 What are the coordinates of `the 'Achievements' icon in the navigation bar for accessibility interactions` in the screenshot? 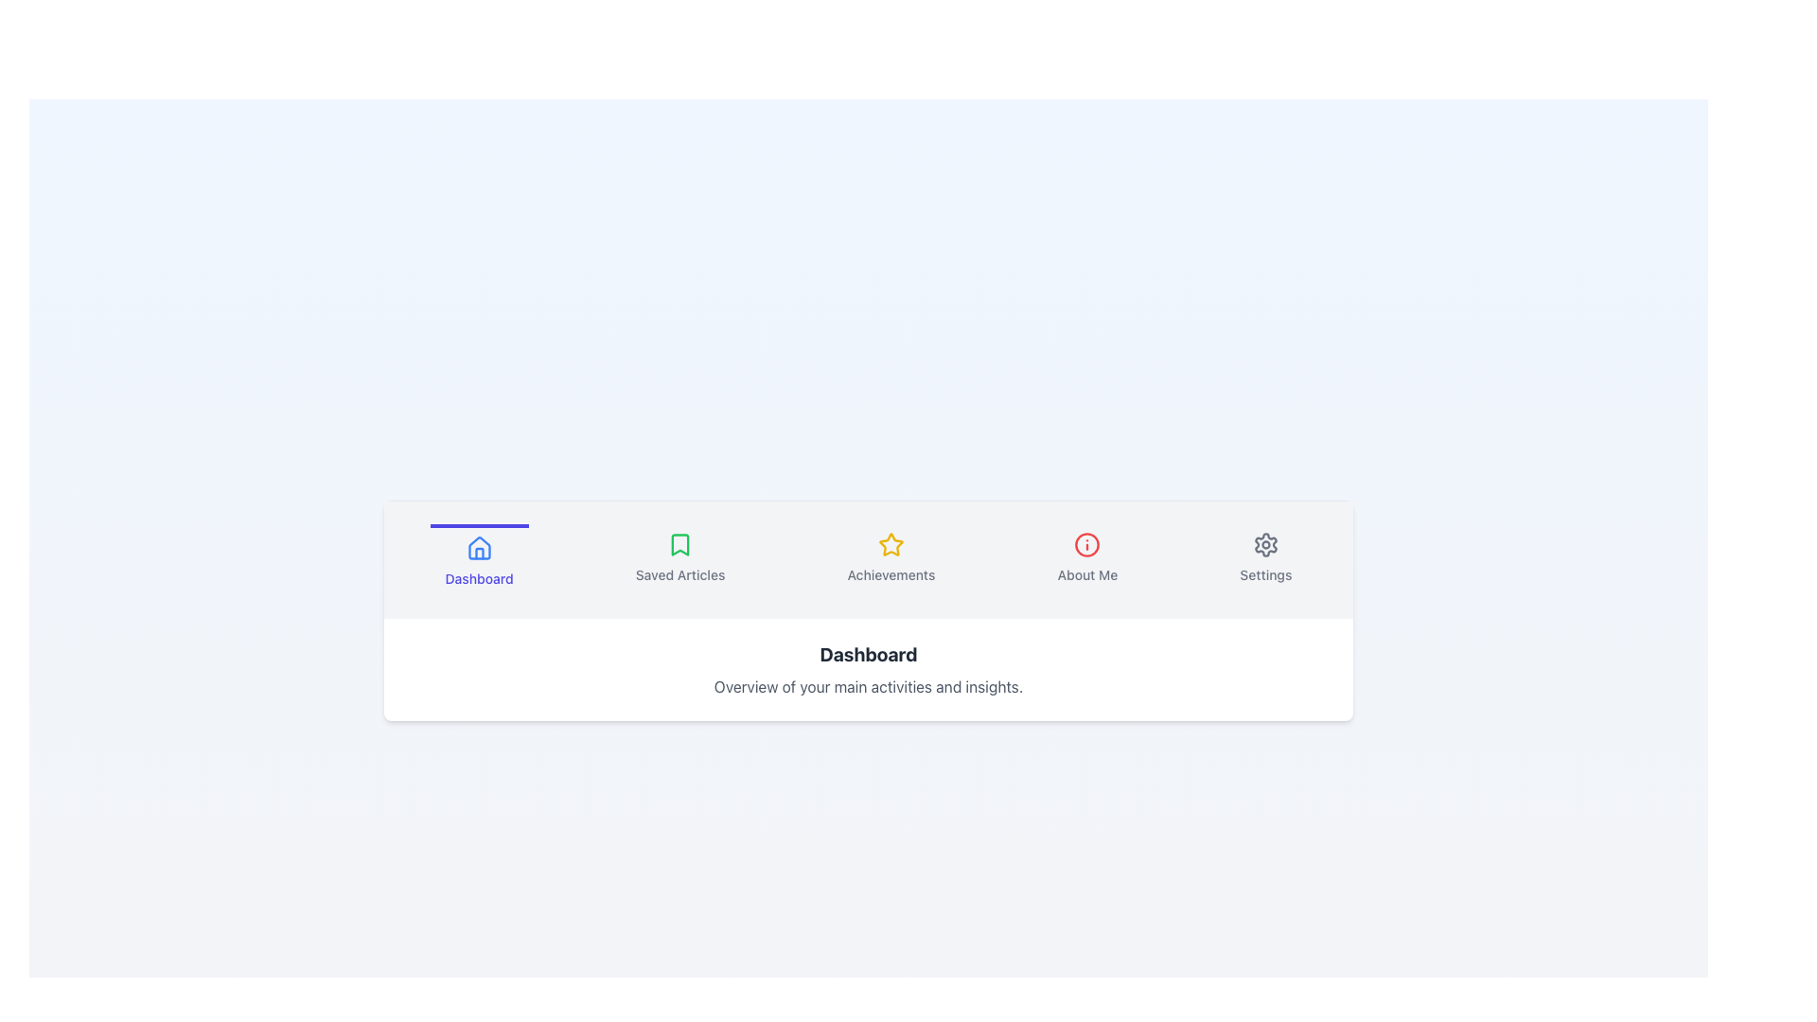 It's located at (890, 543).